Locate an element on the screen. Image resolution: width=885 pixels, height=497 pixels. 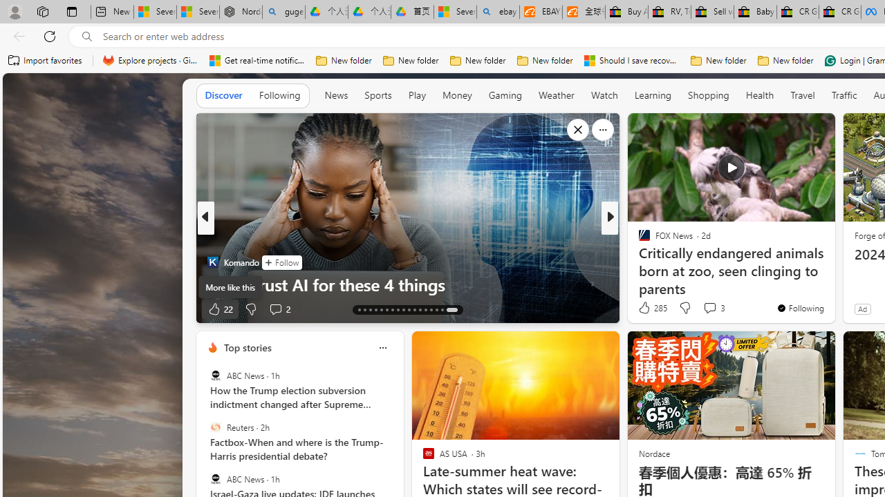
'Sports' is located at coordinates (378, 94).